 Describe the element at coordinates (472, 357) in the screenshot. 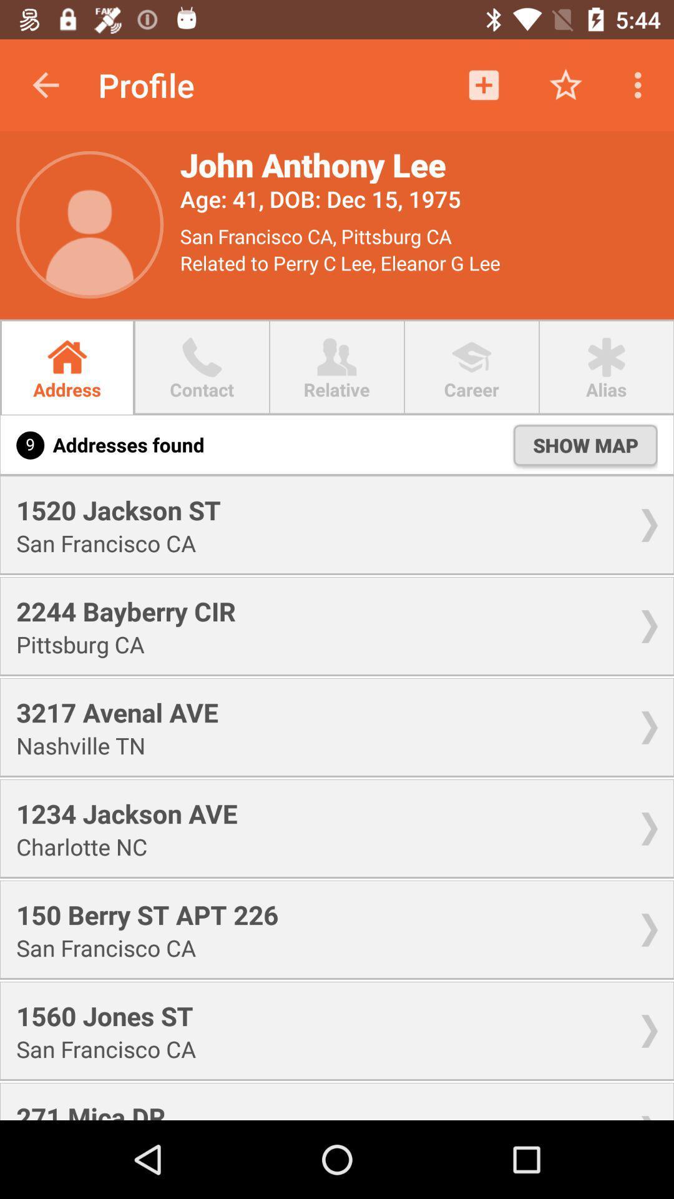

I see `the icon with the text career` at that location.